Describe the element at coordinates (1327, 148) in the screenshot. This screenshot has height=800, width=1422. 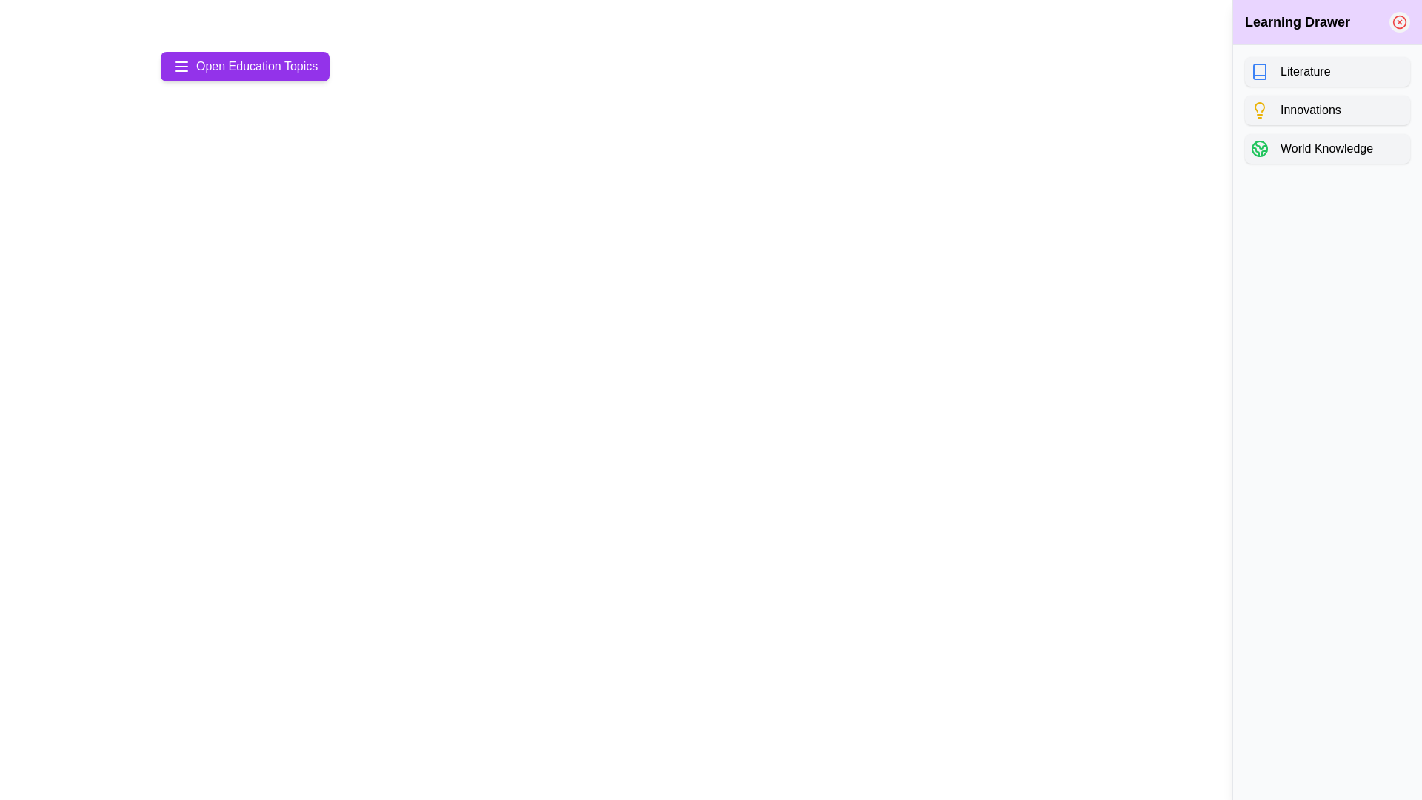
I see `the topic button labeled World Knowledge` at that location.